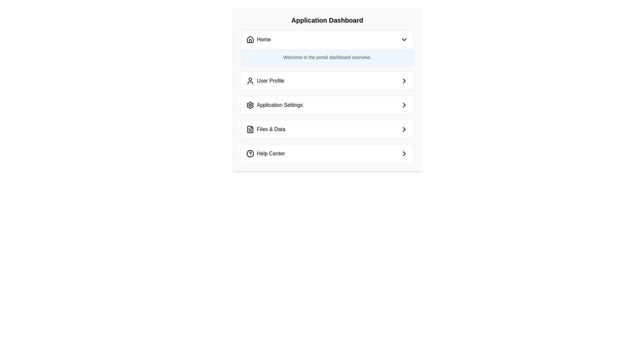 This screenshot has width=629, height=354. I want to click on the user profile icon, which is located to the left of the 'User Profile' text in the second row of the vertically stacked menu, so click(250, 80).